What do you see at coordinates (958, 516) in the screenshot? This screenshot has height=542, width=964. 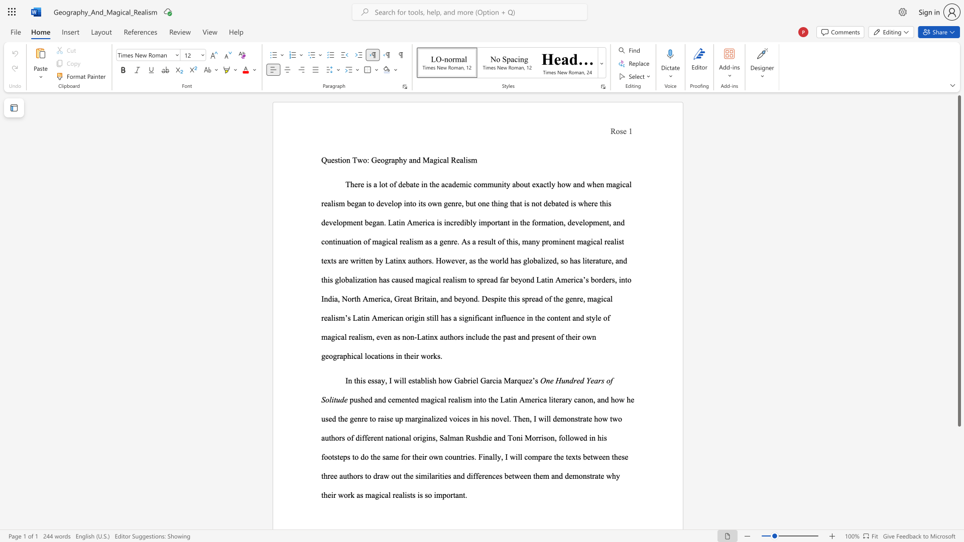 I see `the scrollbar to slide the page down` at bounding box center [958, 516].